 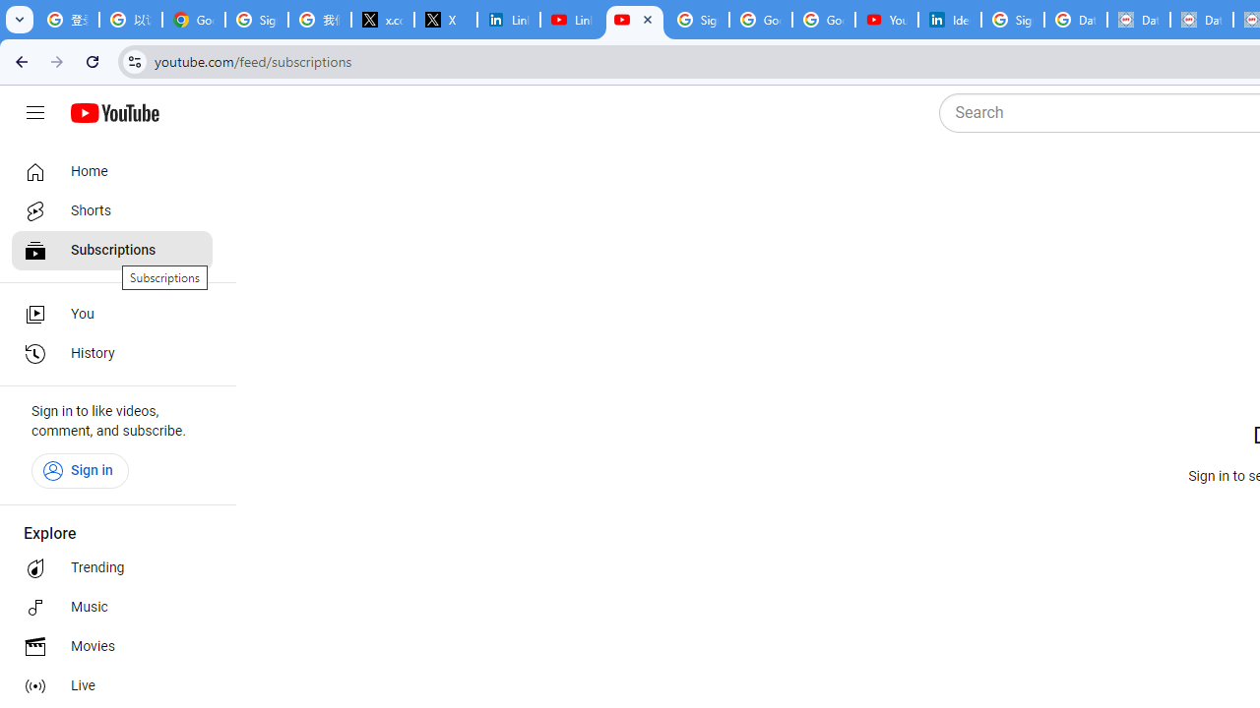 What do you see at coordinates (110, 210) in the screenshot?
I see `'Shorts'` at bounding box center [110, 210].